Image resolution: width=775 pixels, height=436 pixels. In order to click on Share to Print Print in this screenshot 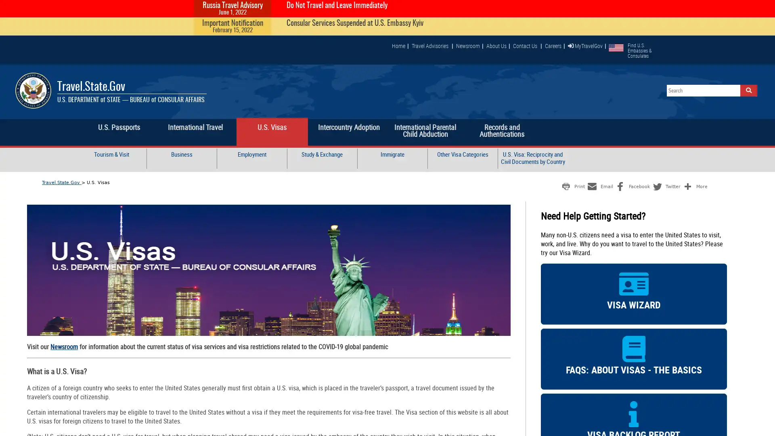, I will do `click(572, 186)`.